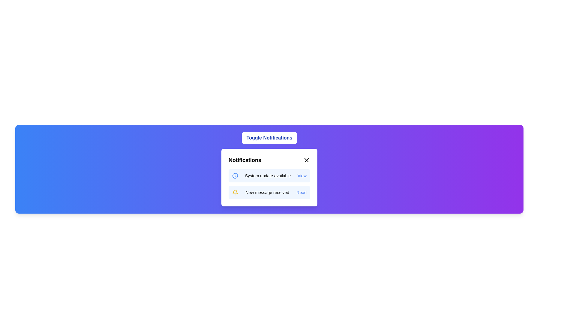 The width and height of the screenshot is (576, 324). Describe the element at coordinates (267, 175) in the screenshot. I see `the Text Label that serves as a notification about a system update, positioned centrally between an informational icon and the 'View' link in the 'Notifications' dropdown` at that location.